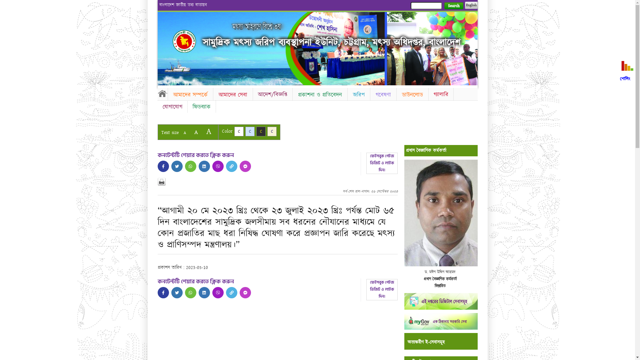  Describe the element at coordinates (162, 93) in the screenshot. I see `'Home'` at that location.